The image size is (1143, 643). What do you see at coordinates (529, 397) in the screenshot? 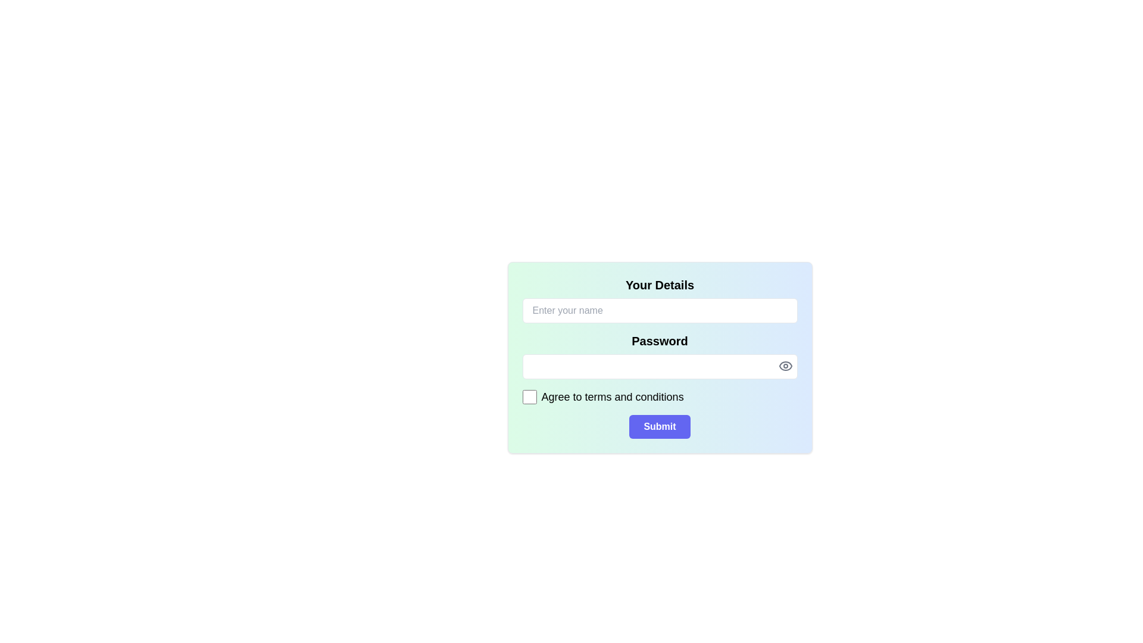
I see `the unselected checkbox` at bounding box center [529, 397].